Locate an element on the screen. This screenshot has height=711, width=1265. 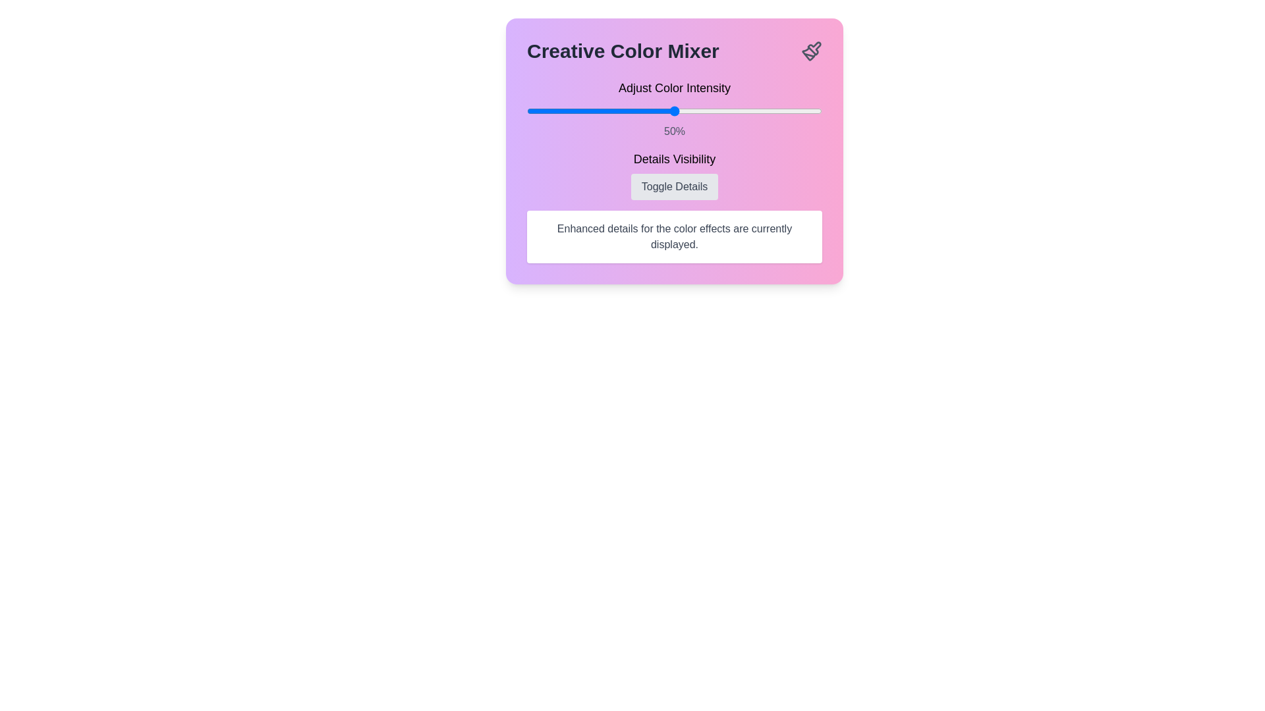
the color intensity is located at coordinates (801, 111).